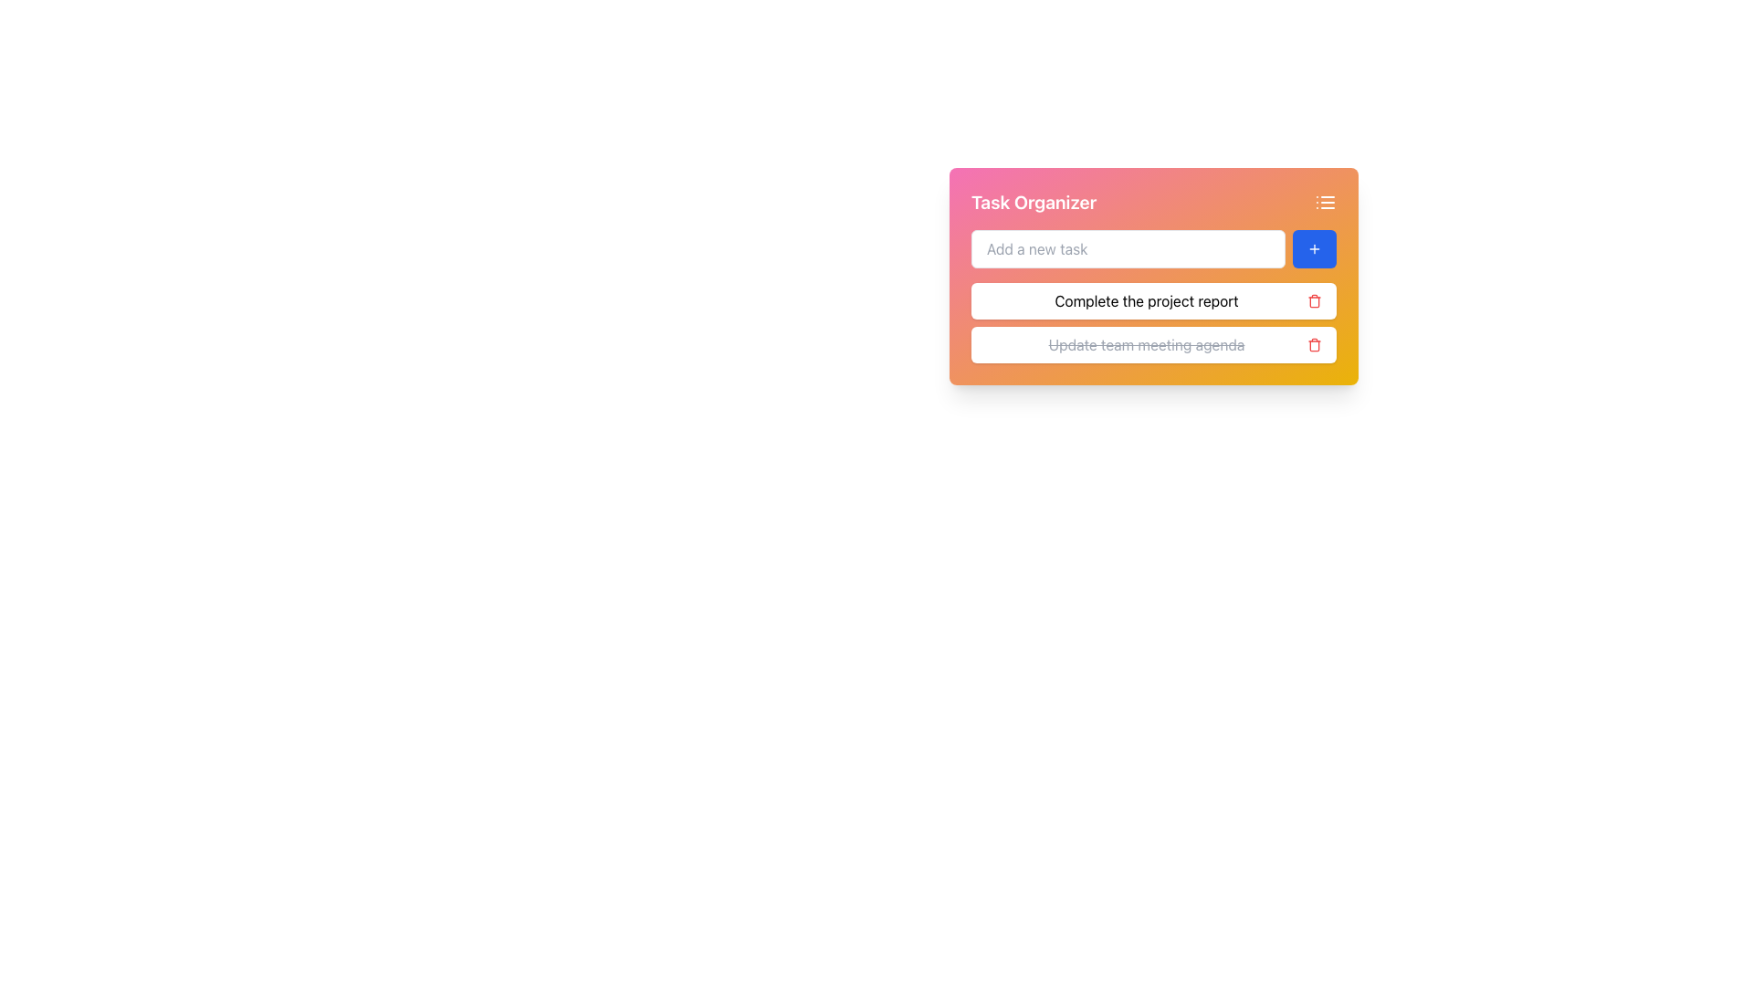 The image size is (1753, 986). What do you see at coordinates (1315, 300) in the screenshot?
I see `the delete button located at the far-right end of the task entry labeled 'Complete the project report'` at bounding box center [1315, 300].